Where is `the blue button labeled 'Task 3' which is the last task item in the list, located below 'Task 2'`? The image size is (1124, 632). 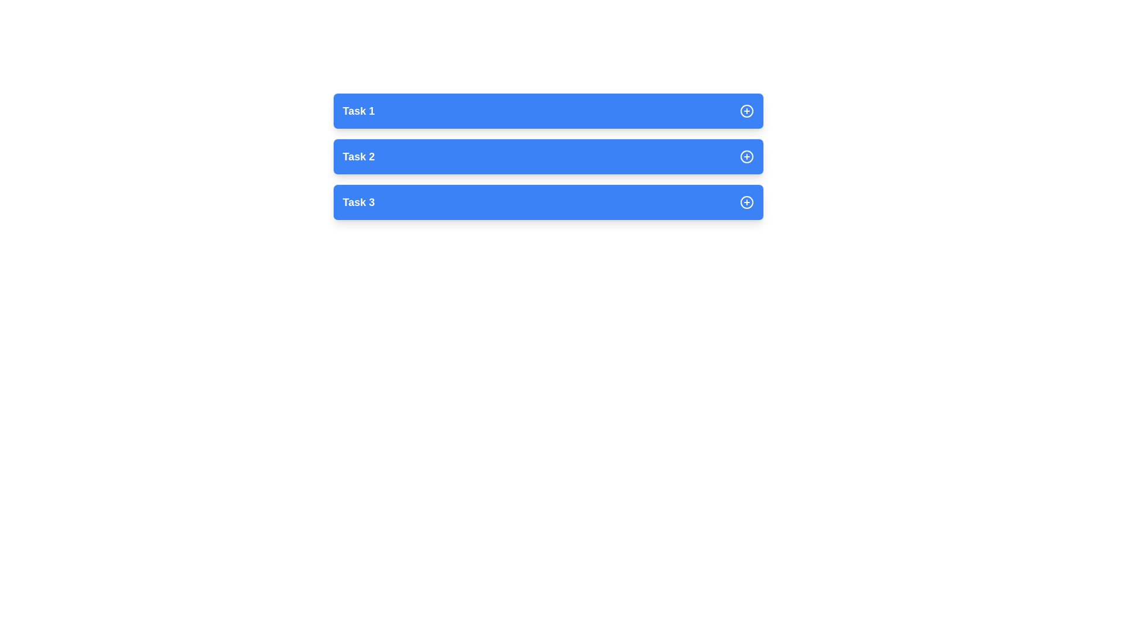
the blue button labeled 'Task 3' which is the last task item in the list, located below 'Task 2' is located at coordinates (547, 202).